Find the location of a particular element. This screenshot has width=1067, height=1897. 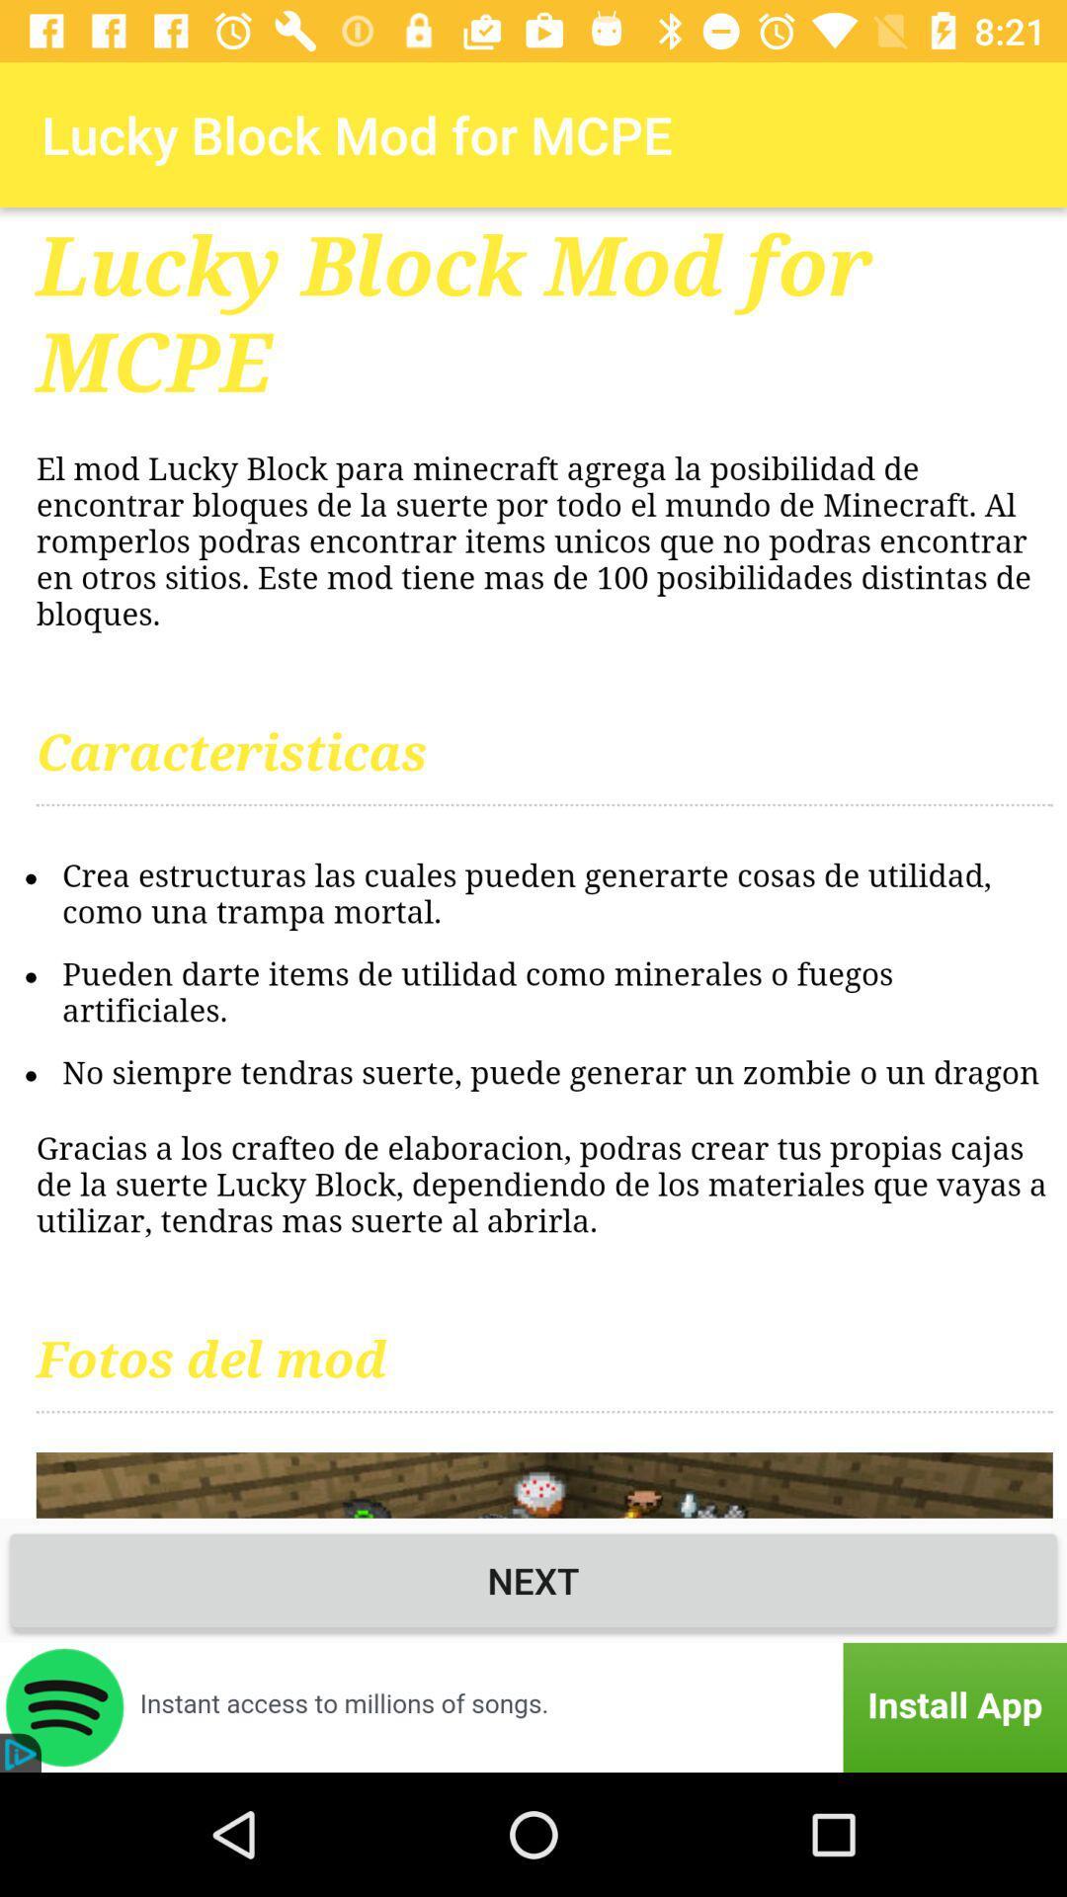

open advertisement is located at coordinates (533, 1706).